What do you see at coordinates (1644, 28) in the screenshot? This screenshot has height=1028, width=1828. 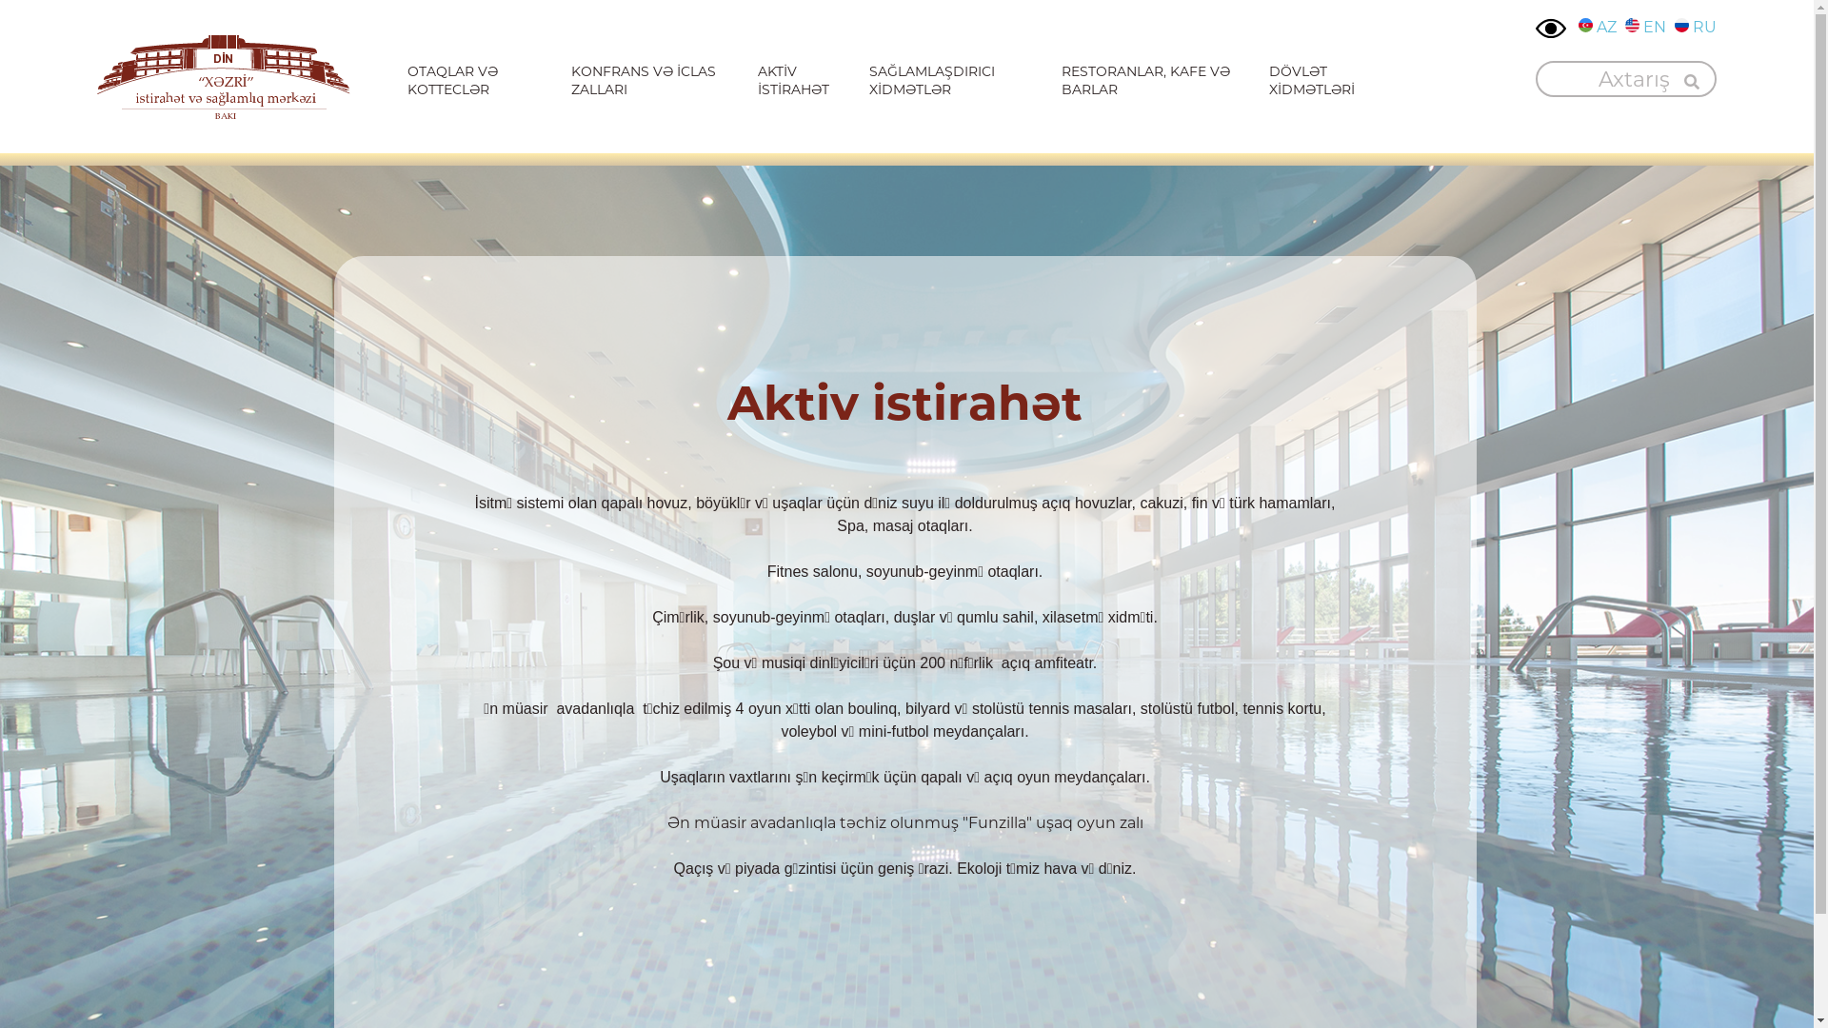 I see `'EN'` at bounding box center [1644, 28].